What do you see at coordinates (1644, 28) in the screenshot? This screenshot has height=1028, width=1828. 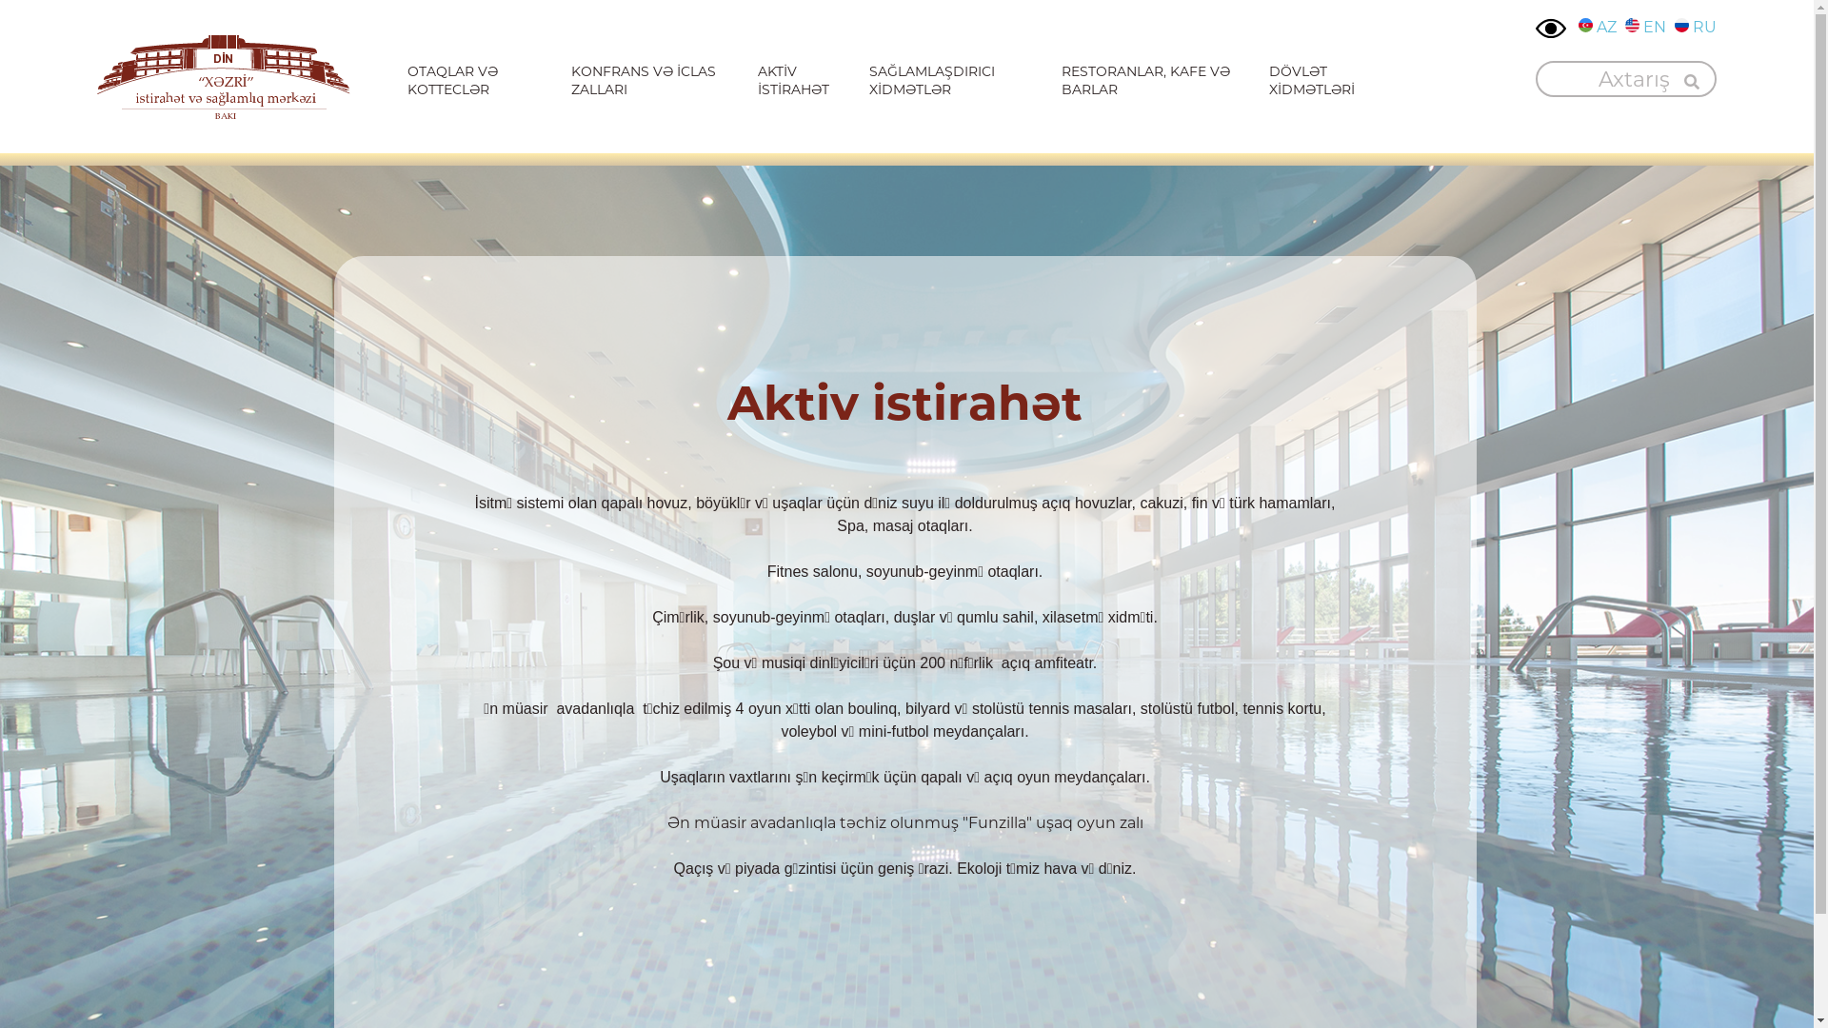 I see `'EN'` at bounding box center [1644, 28].